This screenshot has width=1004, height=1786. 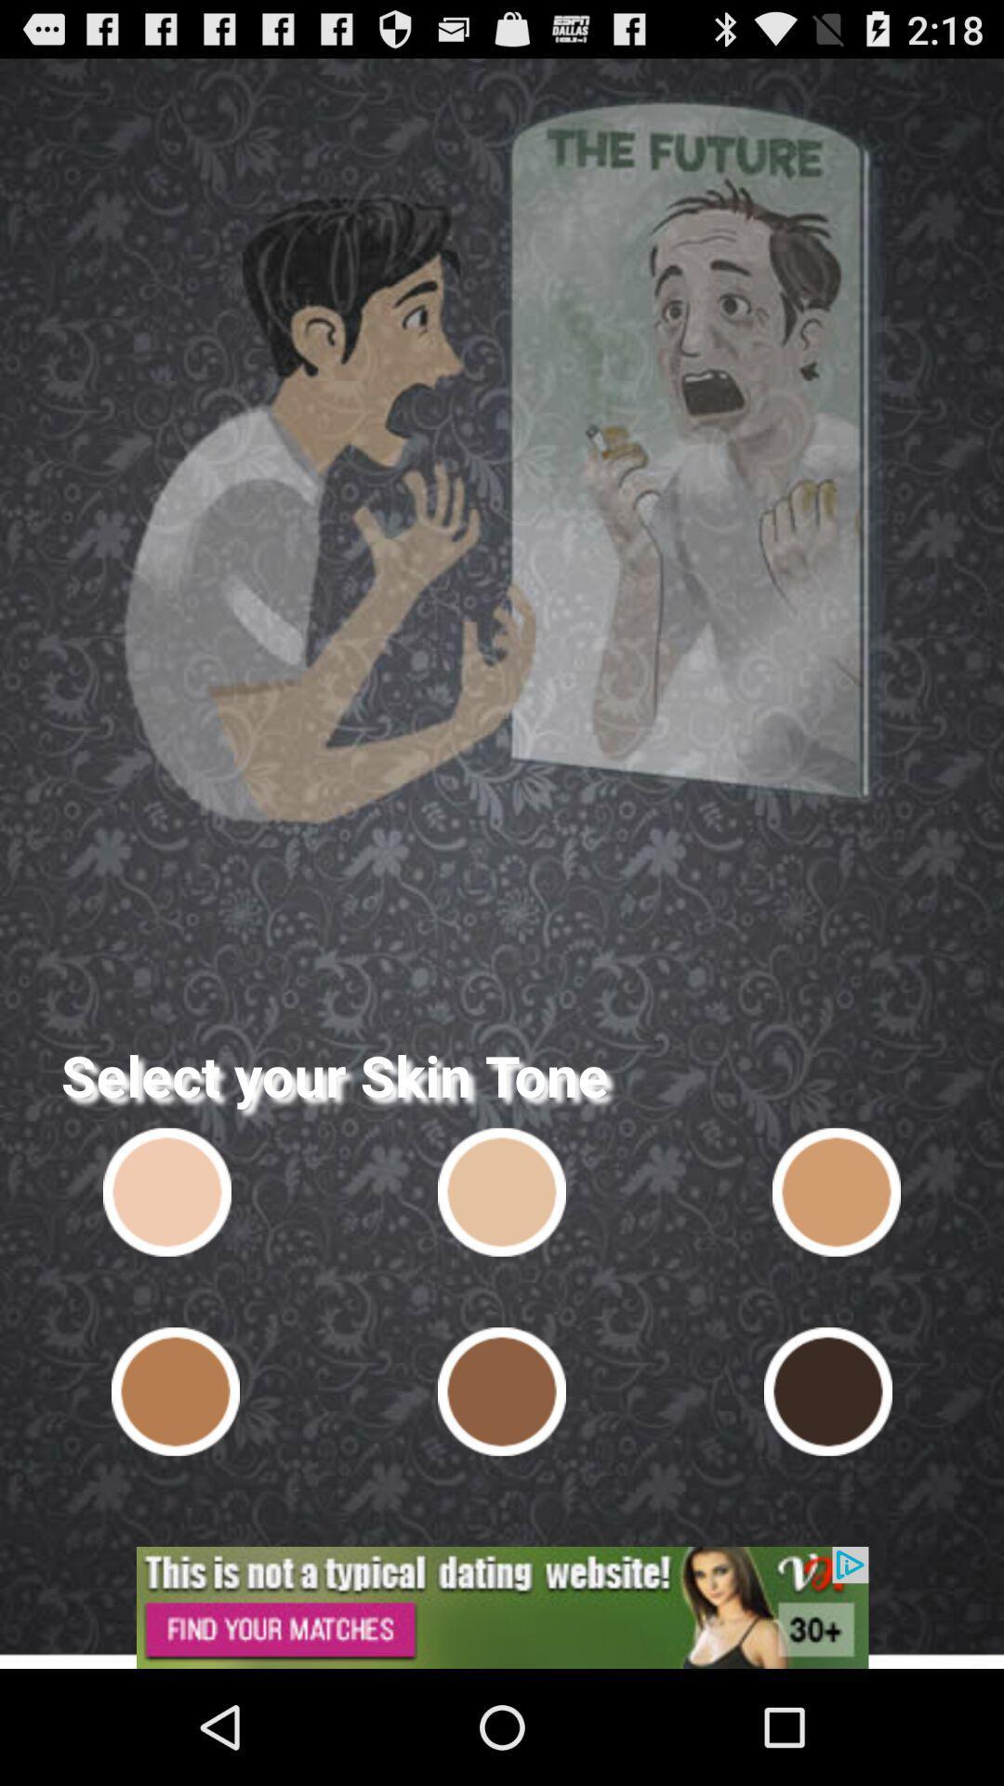 I want to click on color, so click(x=835, y=1192).